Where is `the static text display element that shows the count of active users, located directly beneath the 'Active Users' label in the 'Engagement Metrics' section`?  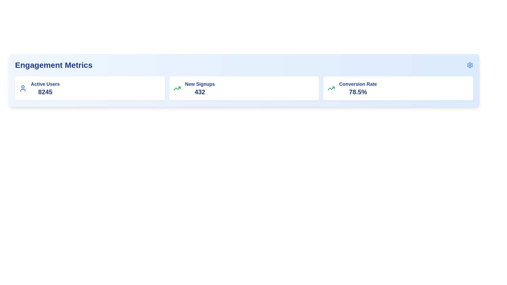
the static text display element that shows the count of active users, located directly beneath the 'Active Users' label in the 'Engagement Metrics' section is located at coordinates (45, 92).